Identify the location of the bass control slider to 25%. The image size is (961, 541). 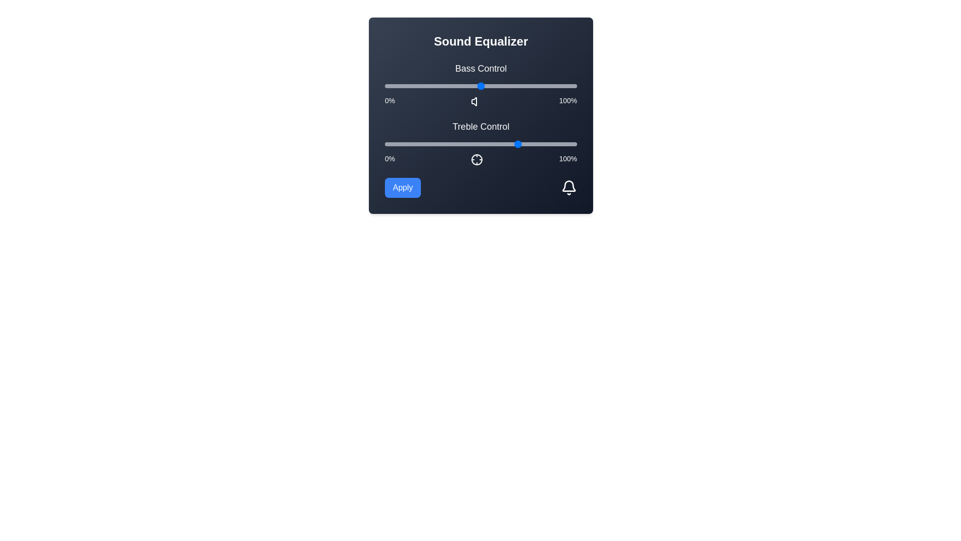
(432, 86).